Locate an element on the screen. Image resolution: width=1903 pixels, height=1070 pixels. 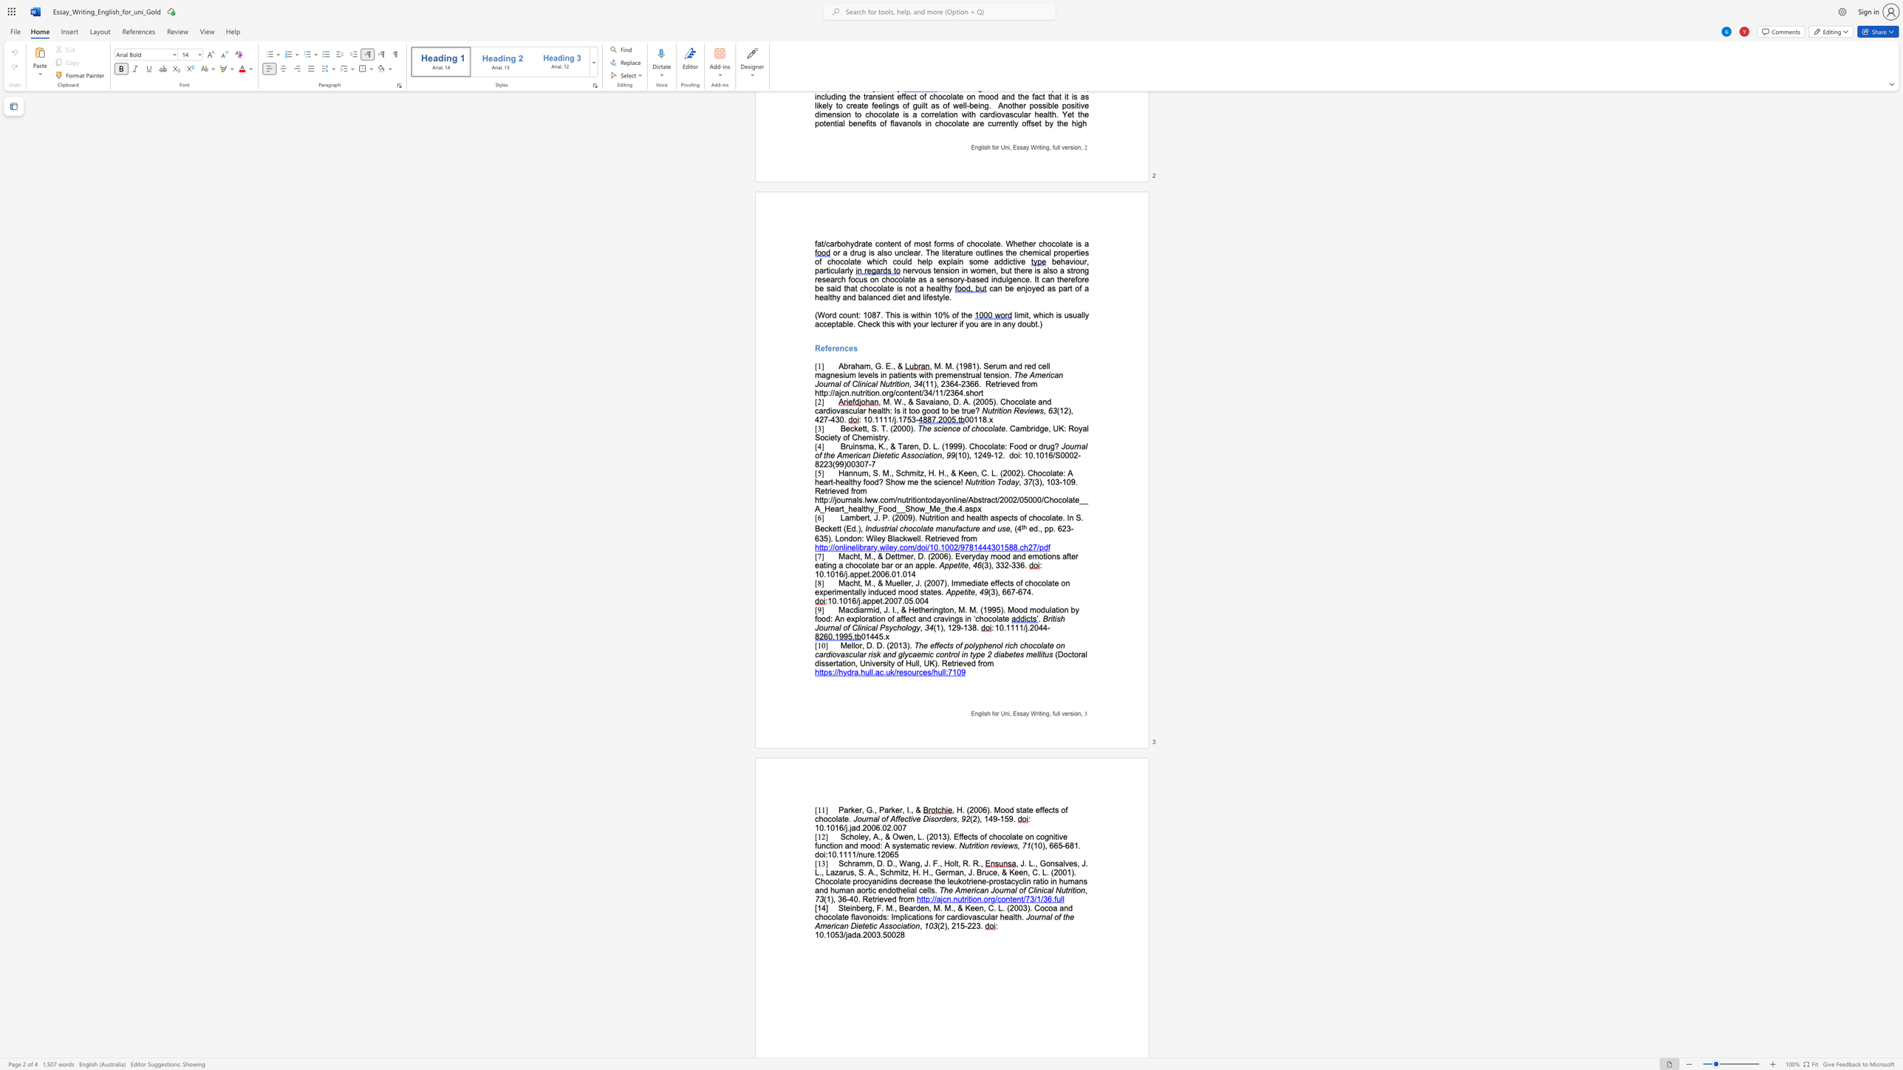
the subset text "den, M. M., & Keen, C. L. (2003). Cocoa and chocolate flavonoids: Implicati" within the text "Steinberg, F. M., Bearden, M. M., & Keen, C. L. (2003). Cocoa and chocolate flavonoids: Implications for cardiovascular health." is located at coordinates (915, 907).